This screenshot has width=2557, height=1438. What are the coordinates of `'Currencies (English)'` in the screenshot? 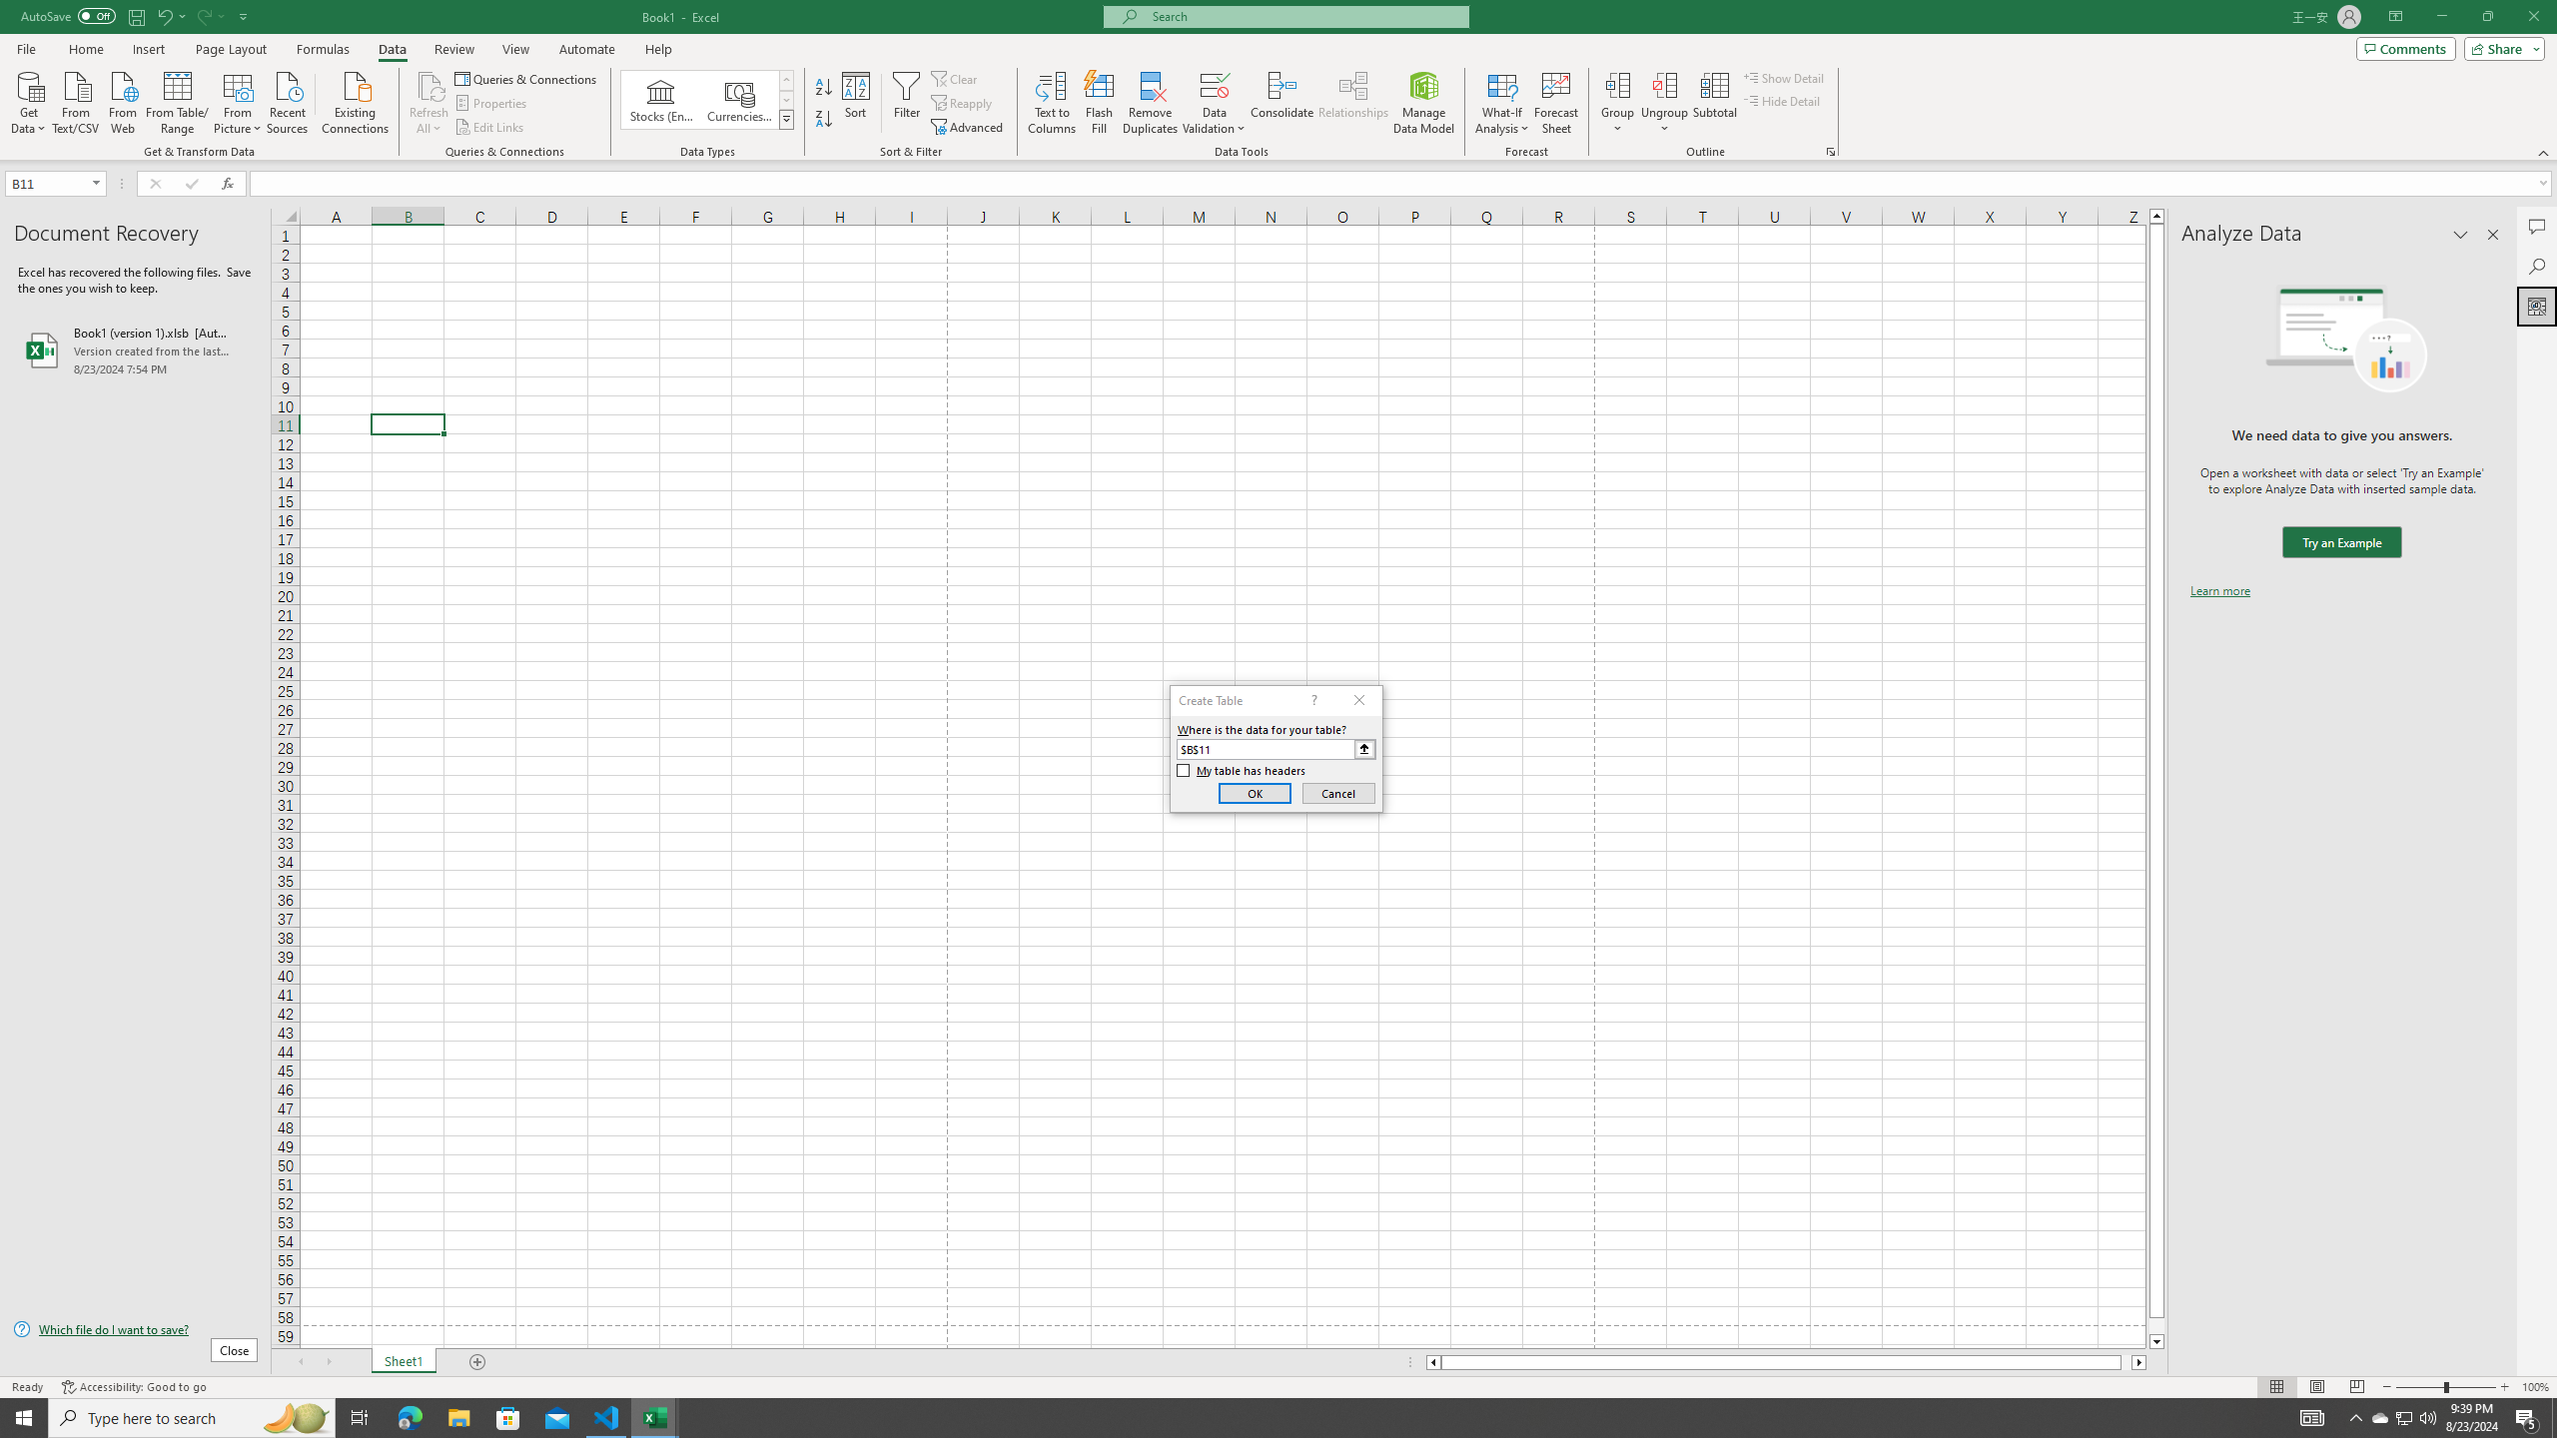 It's located at (737, 99).